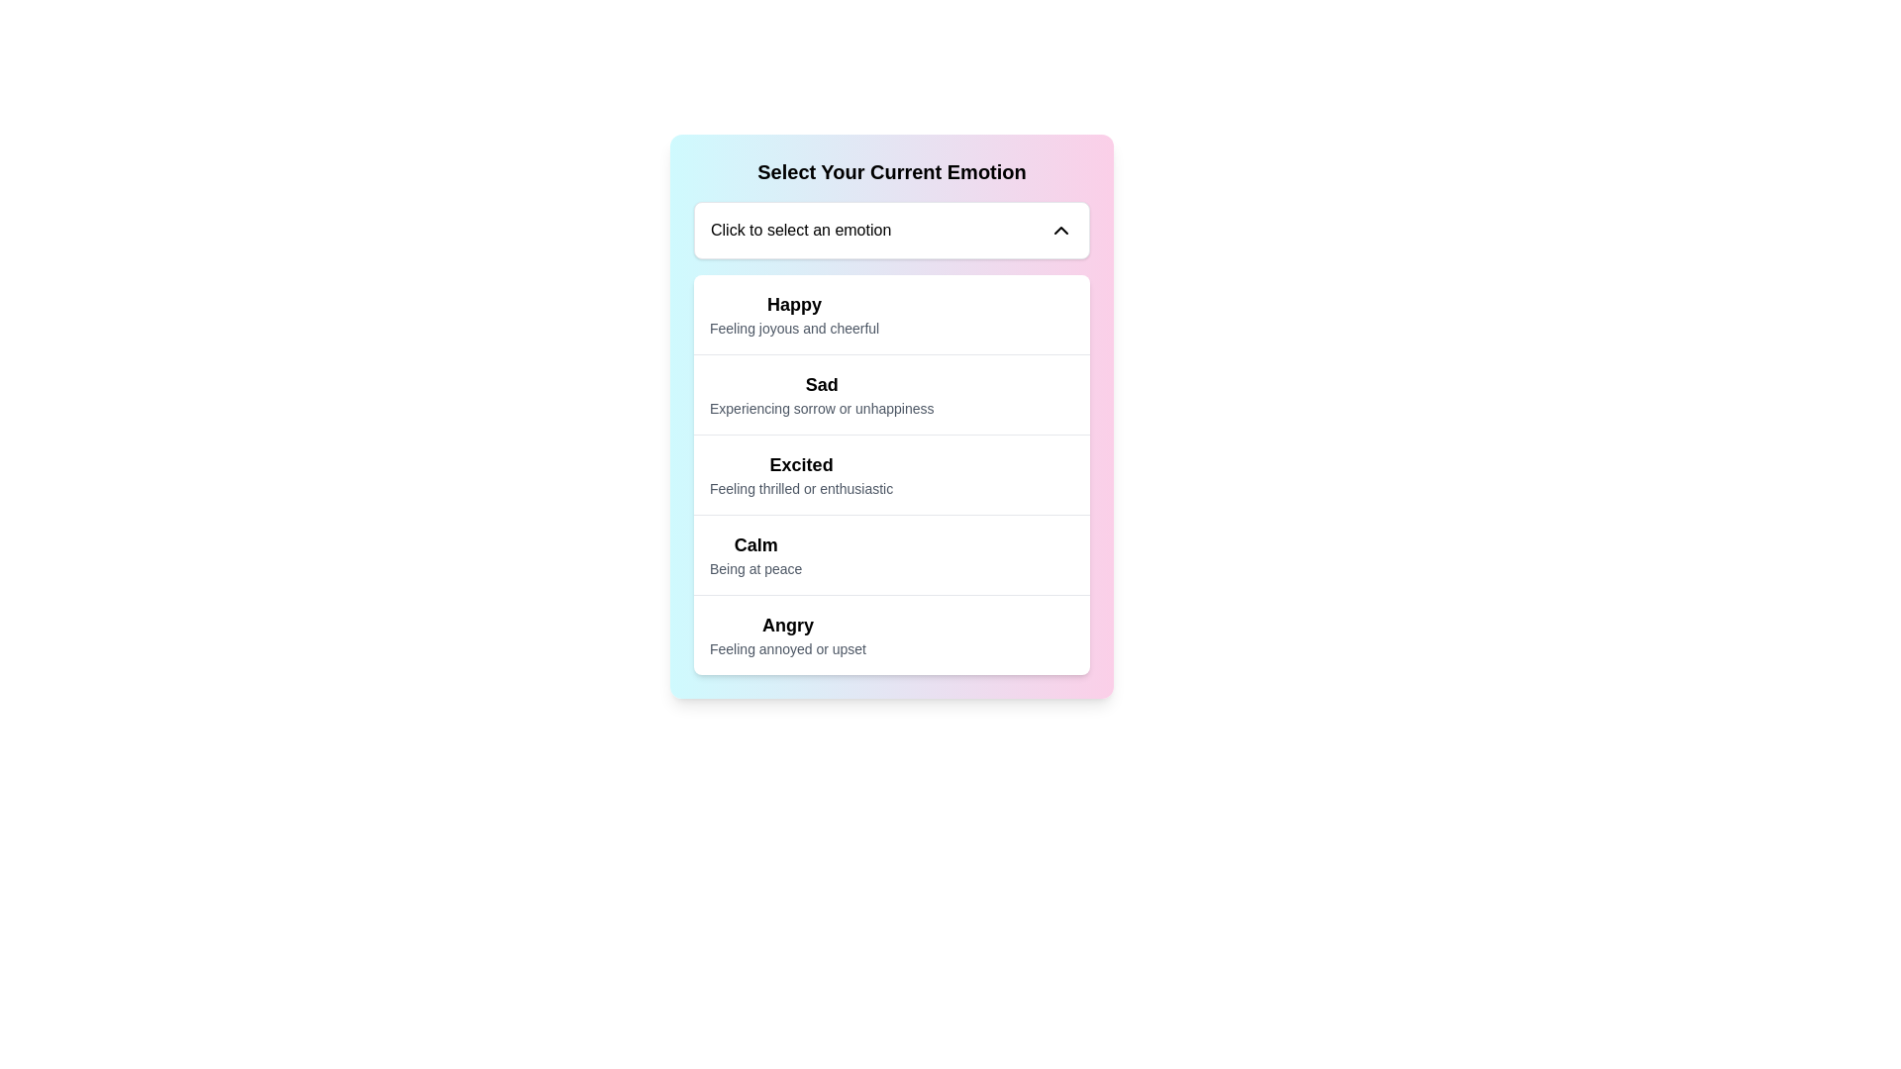  I want to click on the text label that provides additional context for the 'Excited' option in the dropdown menu, located beneath the title 'Excited', so click(801, 488).